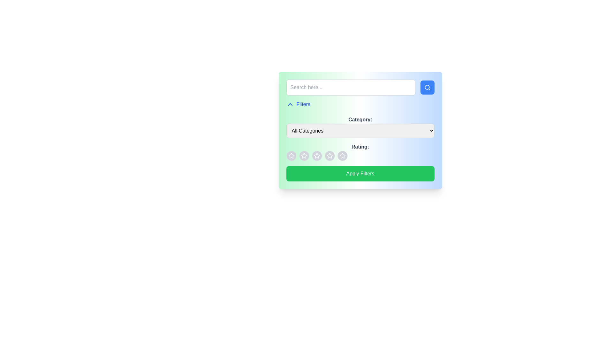  I want to click on the dropdown menu labeled 'All Categories', so click(360, 130).